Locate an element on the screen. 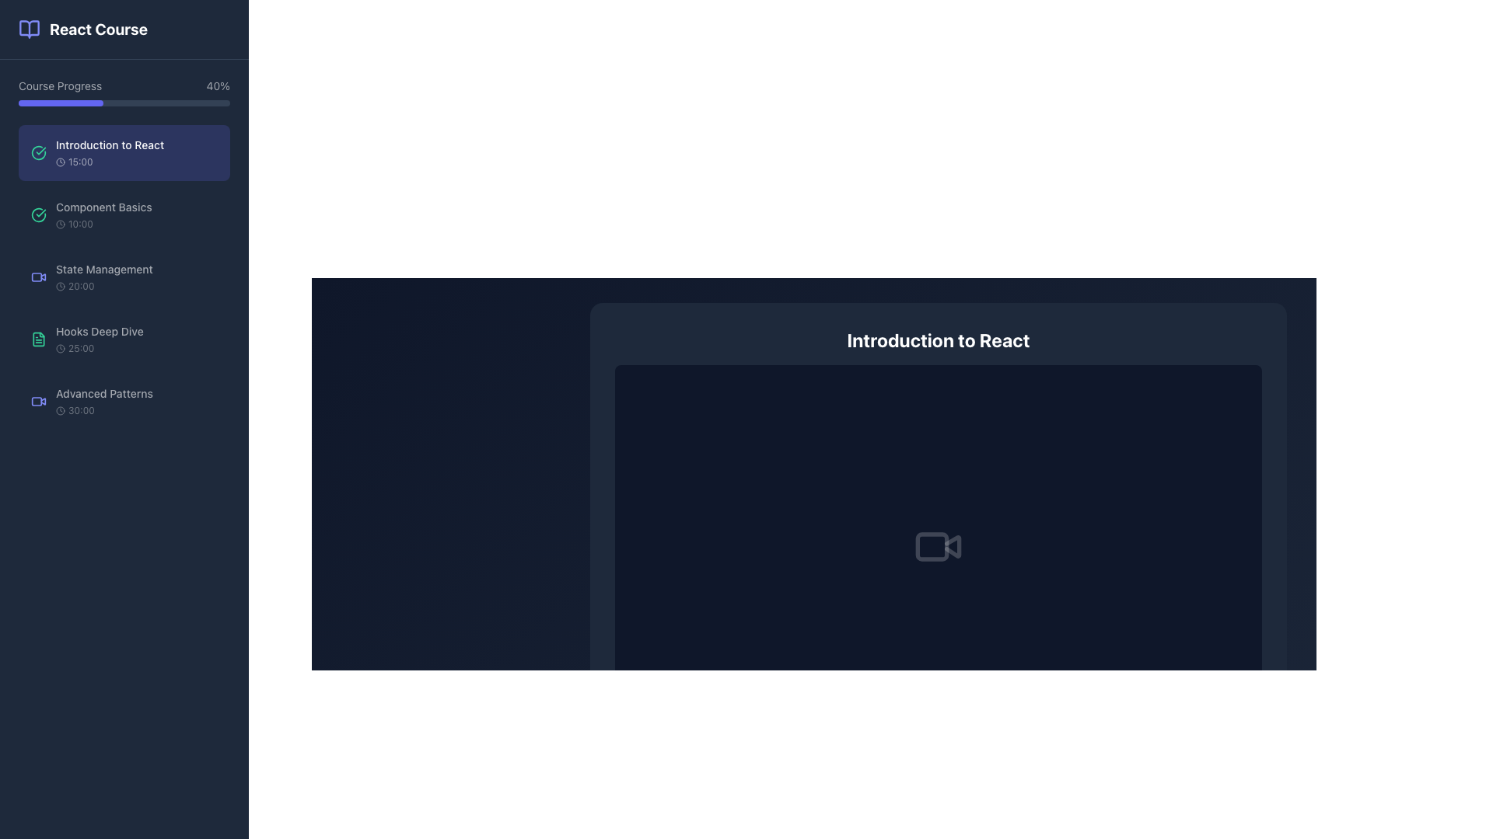  the interactive list item labeled 'Hooks Deep Dive', which is the fourth item in the vertical list of course modules is located at coordinates (123, 338).